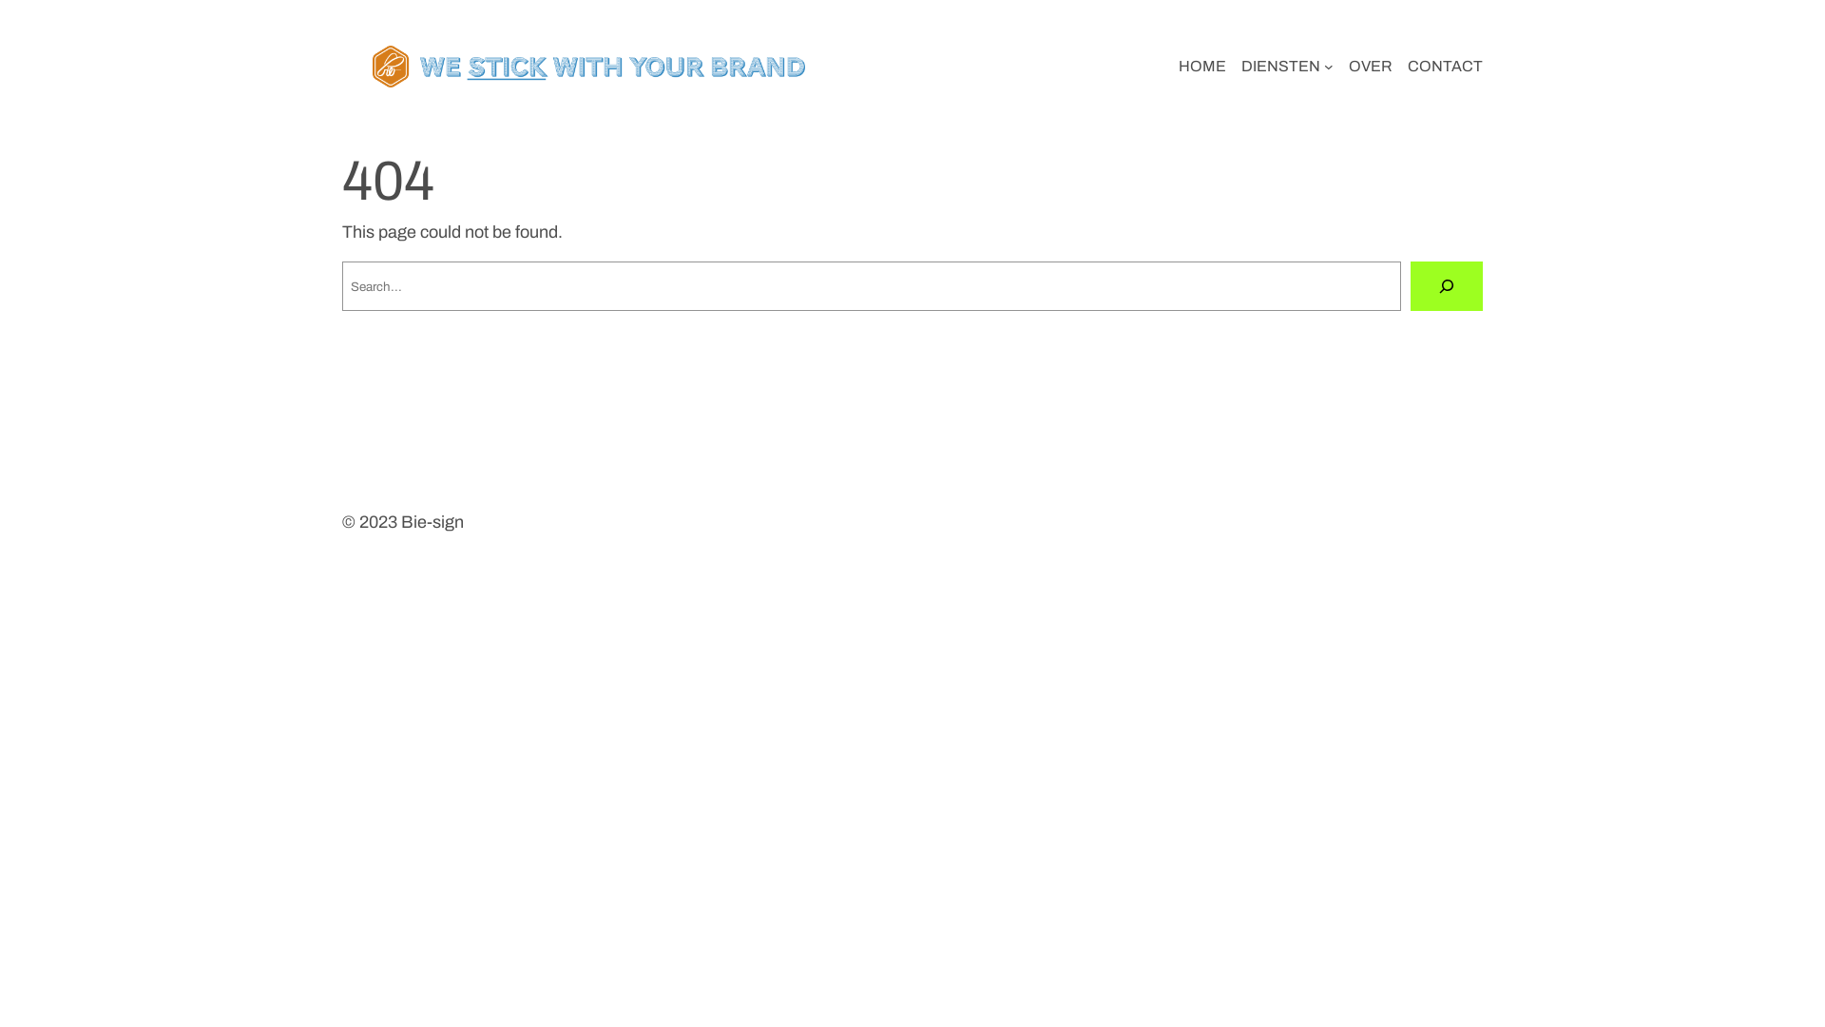  What do you see at coordinates (1445, 65) in the screenshot?
I see `'CONTACT'` at bounding box center [1445, 65].